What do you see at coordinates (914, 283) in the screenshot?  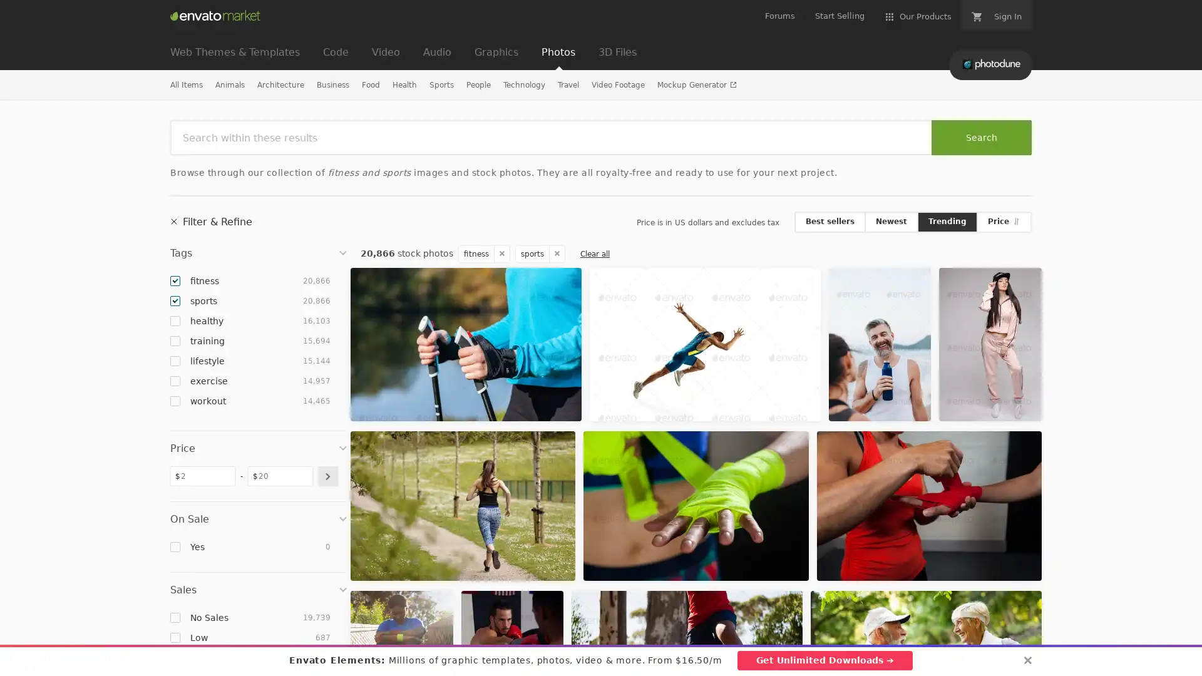 I see `Add to Favorites` at bounding box center [914, 283].